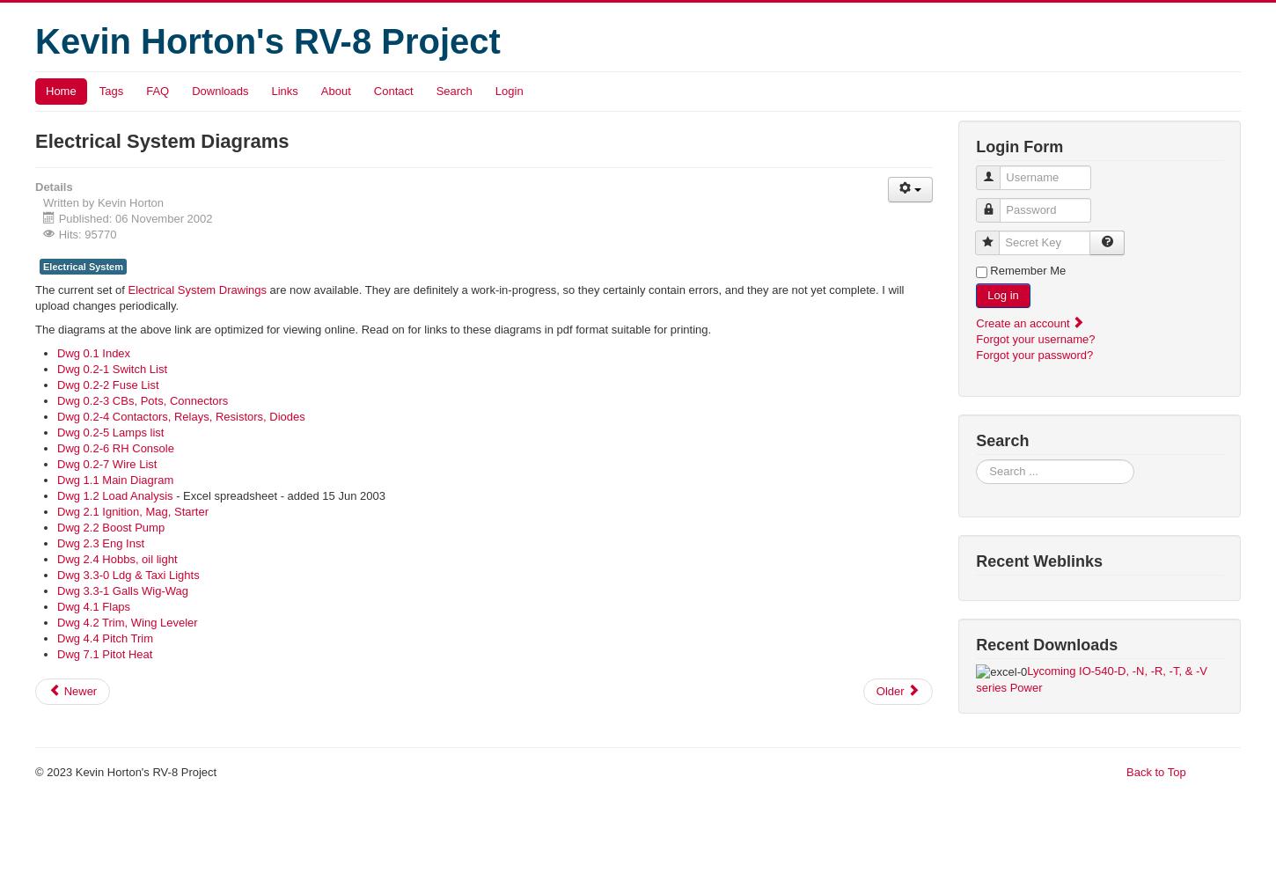 This screenshot has width=1276, height=880. Describe the element at coordinates (111, 369) in the screenshot. I see `'Dwg 0.2-1 Switch List'` at that location.